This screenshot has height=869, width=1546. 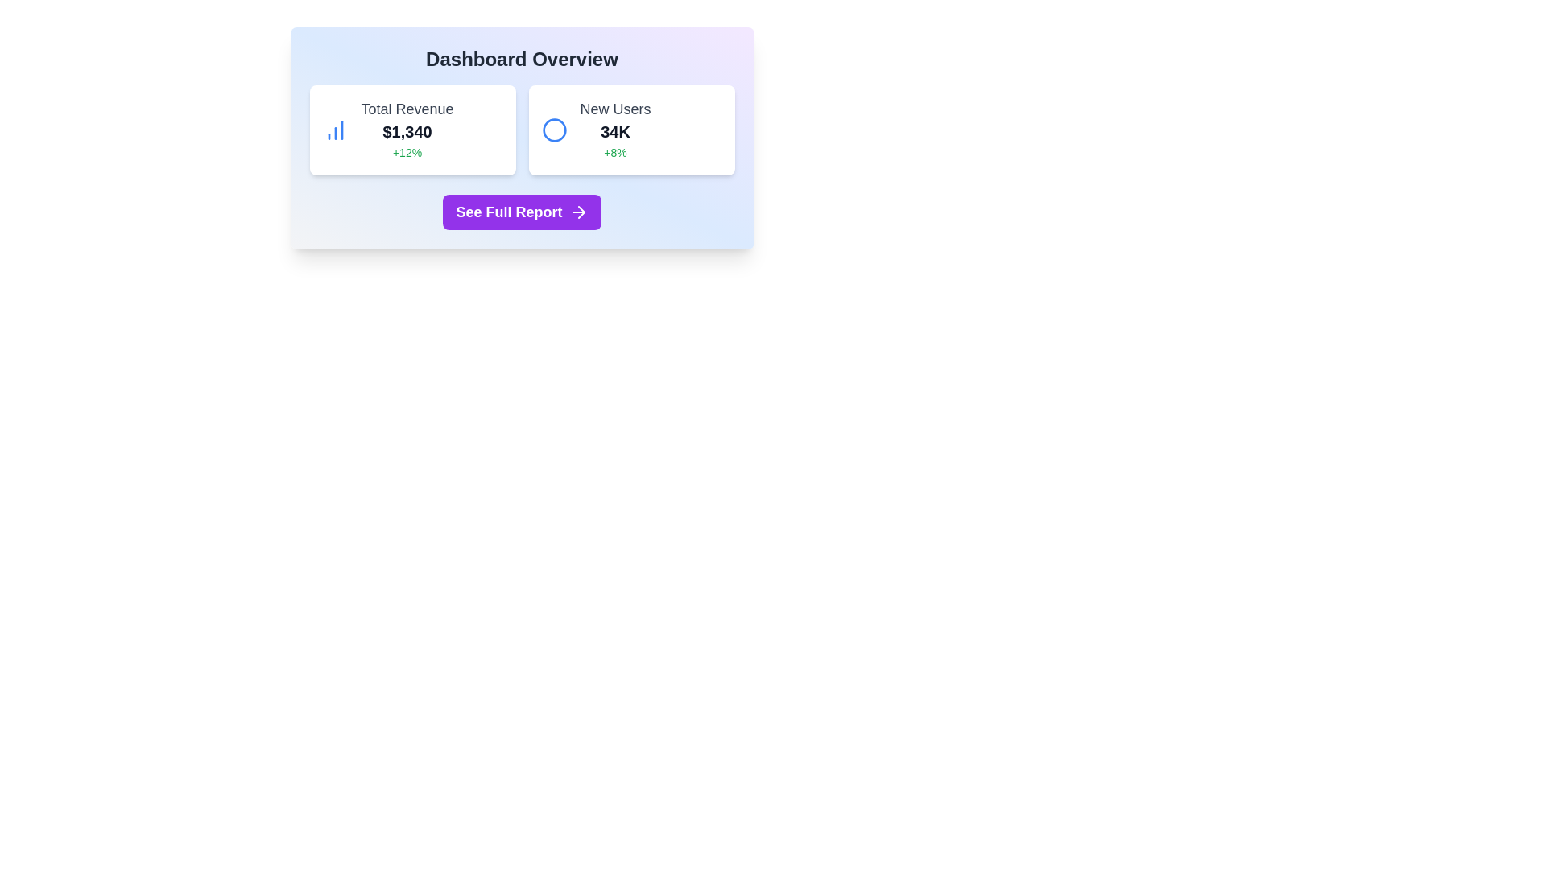 What do you see at coordinates (630, 130) in the screenshot?
I see `the data presented on the summary metric card that displays new users and growth percentage, located to the right of the 'Total Revenue' card in the 'Dashboard Overview'` at bounding box center [630, 130].